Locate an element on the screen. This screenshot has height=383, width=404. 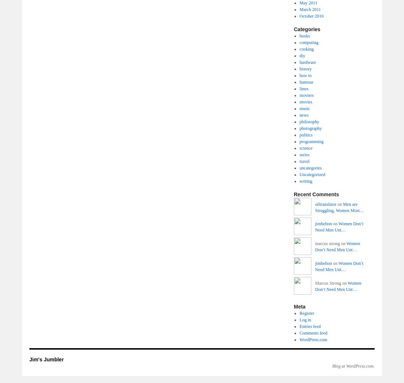
'series' is located at coordinates (304, 154).